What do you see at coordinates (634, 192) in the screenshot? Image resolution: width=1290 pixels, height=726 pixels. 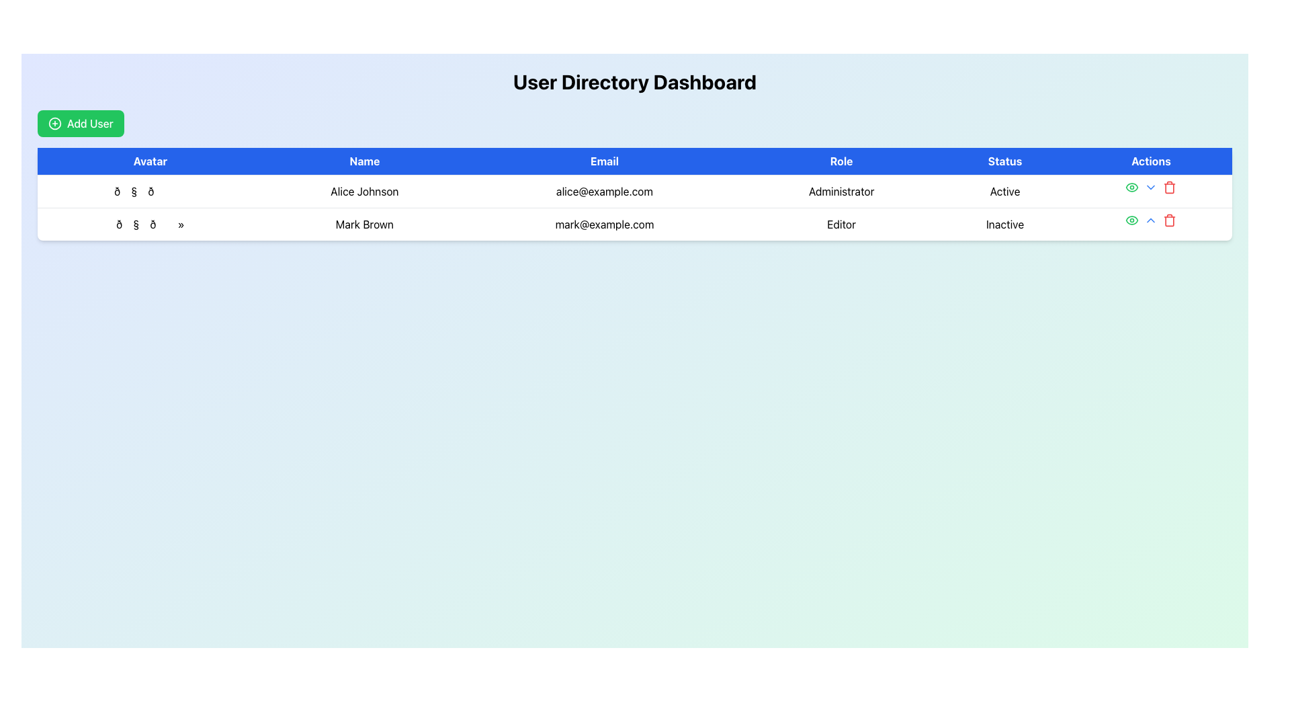 I see `the first row of the User Directory Dashboard table, which displays user information including avatar, name, contact, and status` at bounding box center [634, 192].